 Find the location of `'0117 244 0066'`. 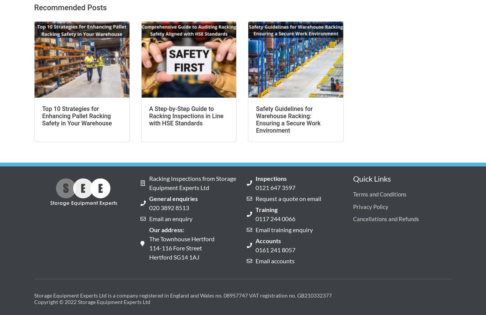

'0117 244 0066' is located at coordinates (275, 218).